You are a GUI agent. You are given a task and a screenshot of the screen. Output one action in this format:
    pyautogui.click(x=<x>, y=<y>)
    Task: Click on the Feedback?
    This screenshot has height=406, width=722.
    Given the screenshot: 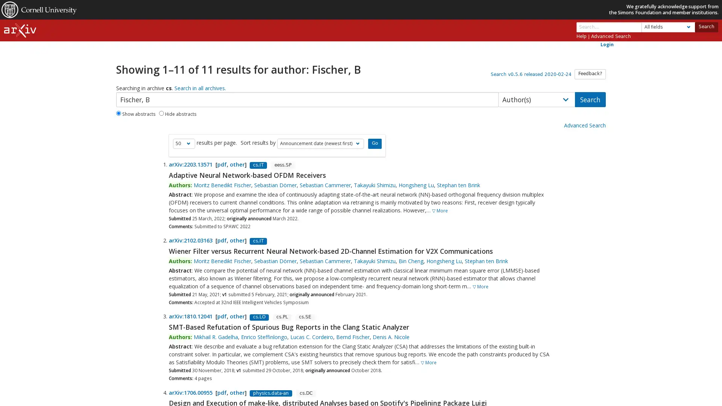 What is the action you would take?
    pyautogui.click(x=590, y=74)
    